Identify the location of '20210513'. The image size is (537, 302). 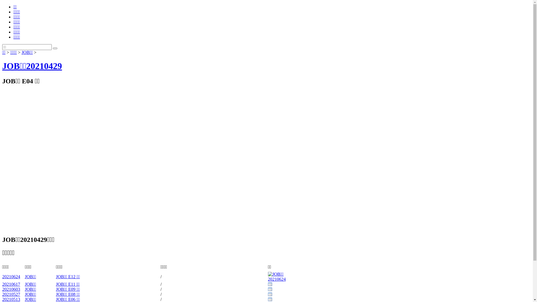
(11, 299).